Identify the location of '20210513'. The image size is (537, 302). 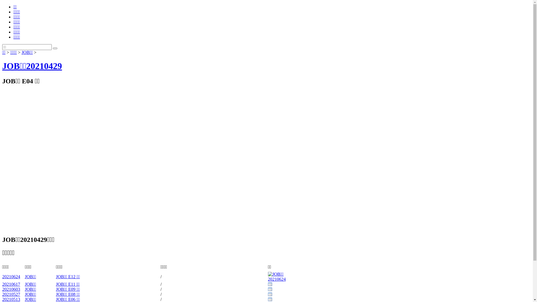
(11, 299).